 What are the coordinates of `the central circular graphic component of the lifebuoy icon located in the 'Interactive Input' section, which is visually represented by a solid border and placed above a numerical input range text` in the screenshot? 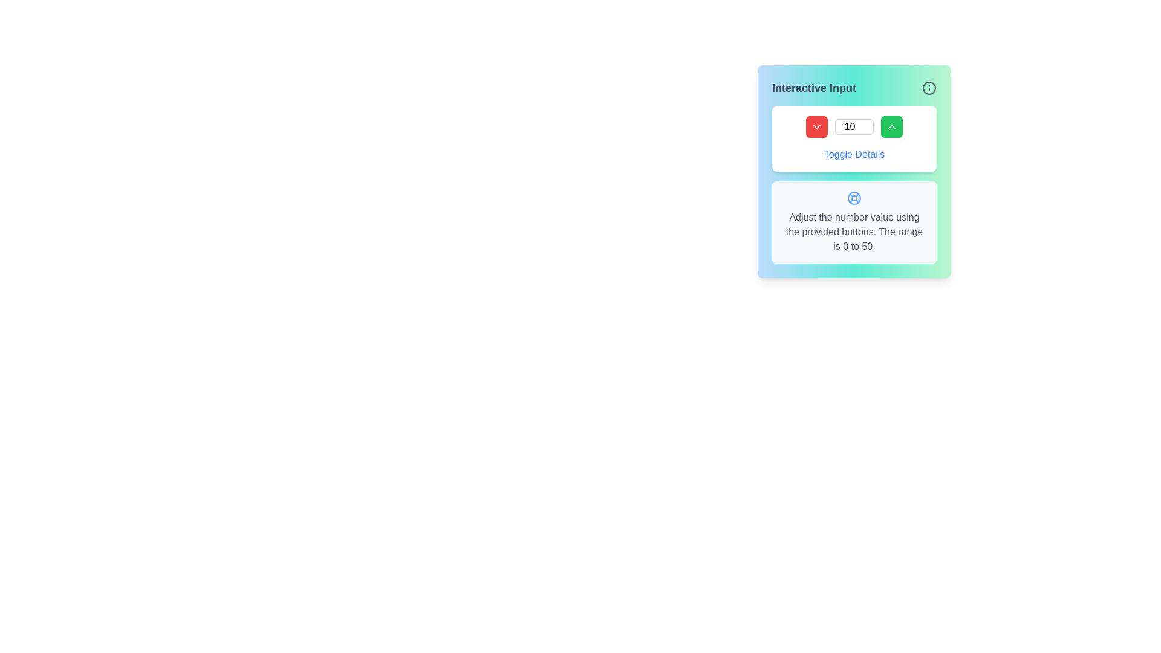 It's located at (853, 197).